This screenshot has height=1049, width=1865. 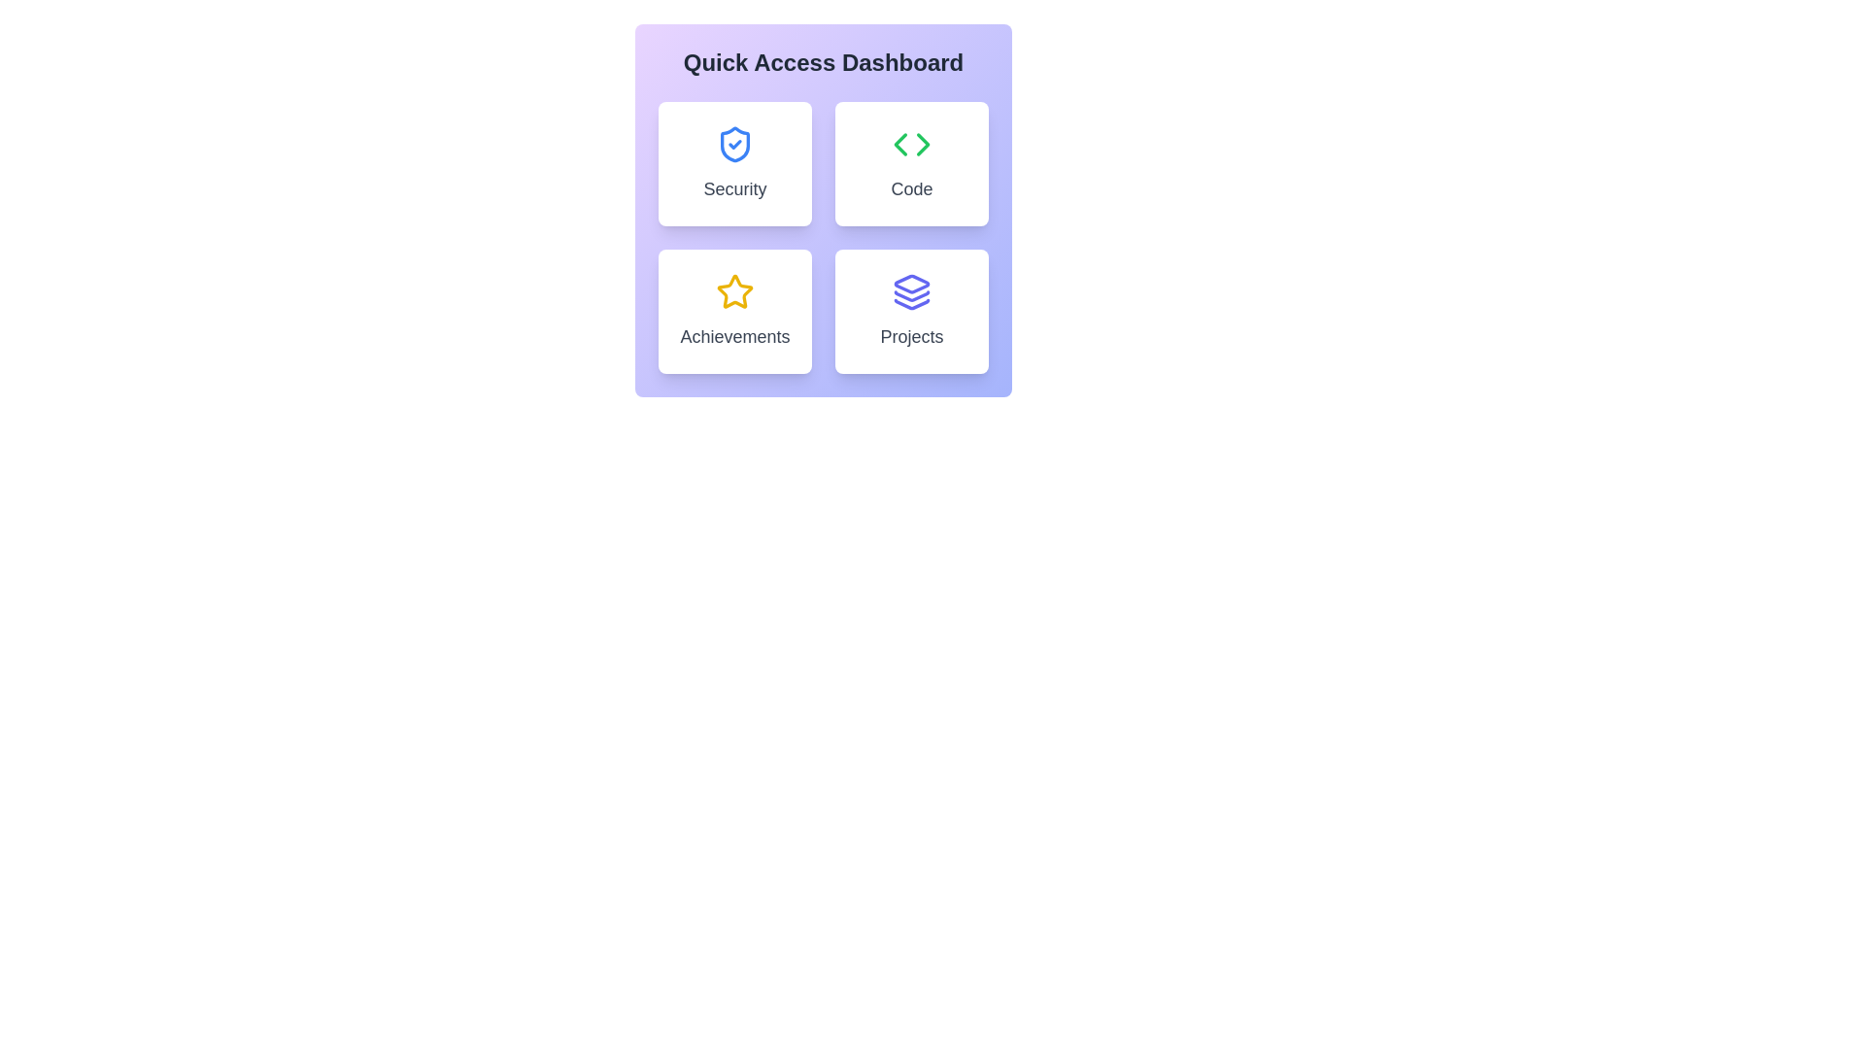 What do you see at coordinates (734, 144) in the screenshot?
I see `the security icon, a shield with a checkmark, located in the upper-left card of the Quick Access Dashboard` at bounding box center [734, 144].